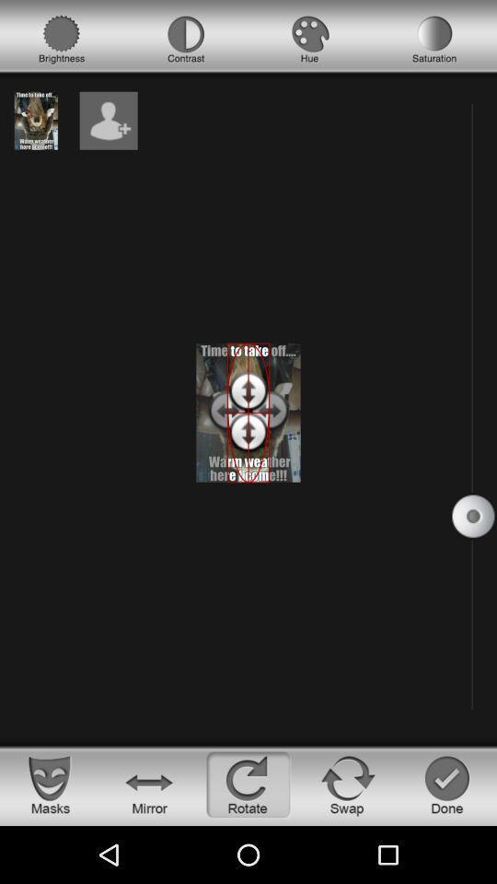  What do you see at coordinates (248, 784) in the screenshot?
I see `the refresh icon` at bounding box center [248, 784].